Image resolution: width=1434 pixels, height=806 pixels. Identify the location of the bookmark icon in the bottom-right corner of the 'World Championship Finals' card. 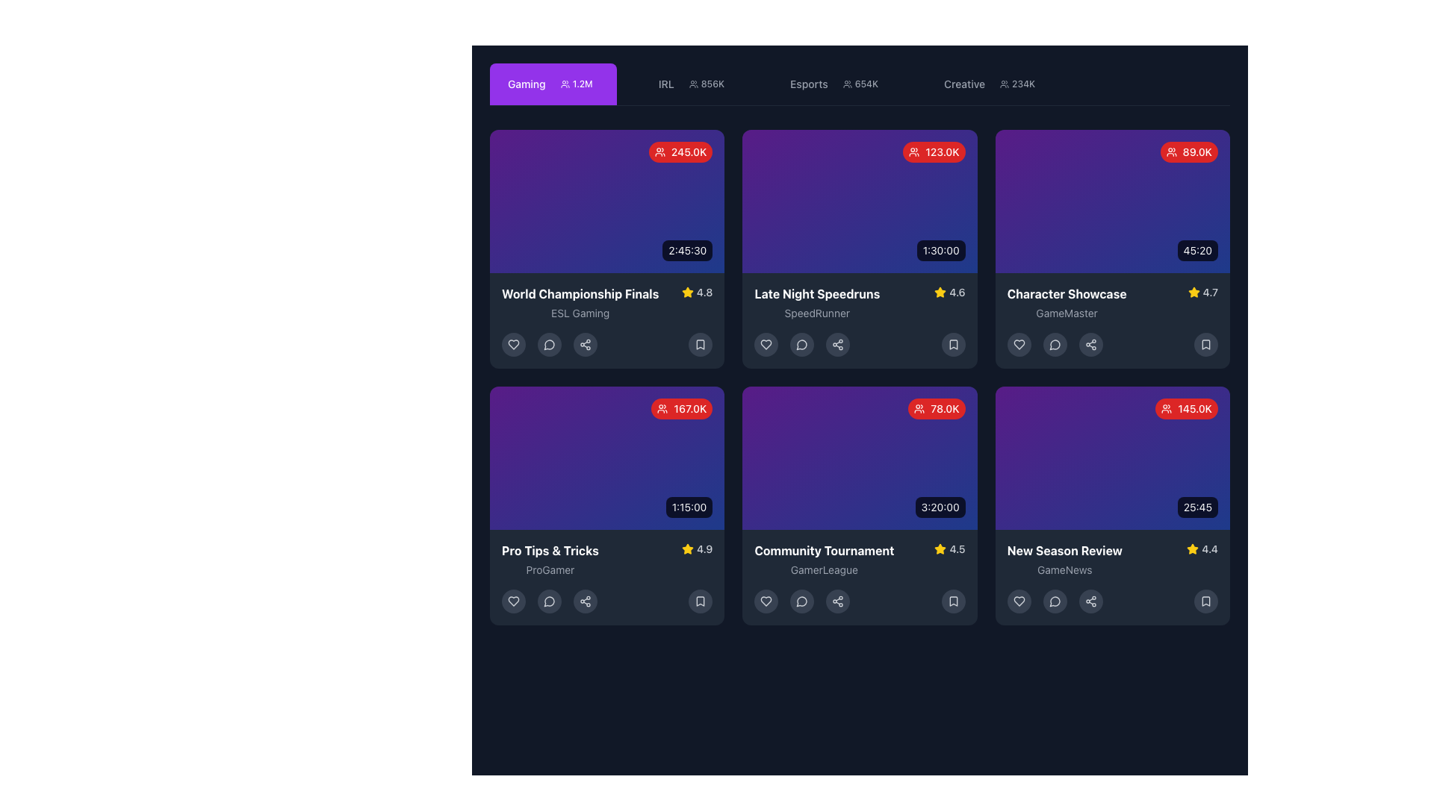
(700, 345).